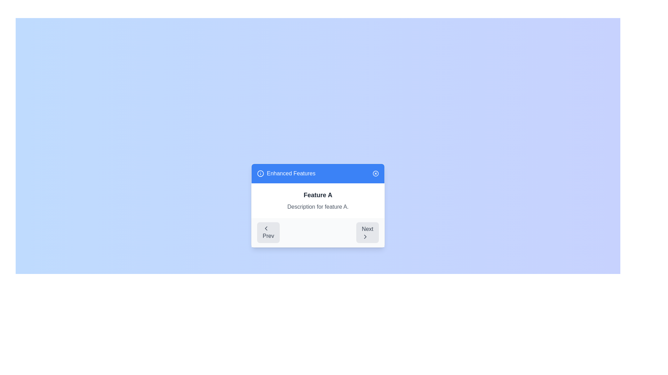 The height and width of the screenshot is (375, 668). I want to click on text of the header label located in the top-left portion of the card's header, which provides the main focus of the card and is aligned with the text of the card below, so click(286, 173).